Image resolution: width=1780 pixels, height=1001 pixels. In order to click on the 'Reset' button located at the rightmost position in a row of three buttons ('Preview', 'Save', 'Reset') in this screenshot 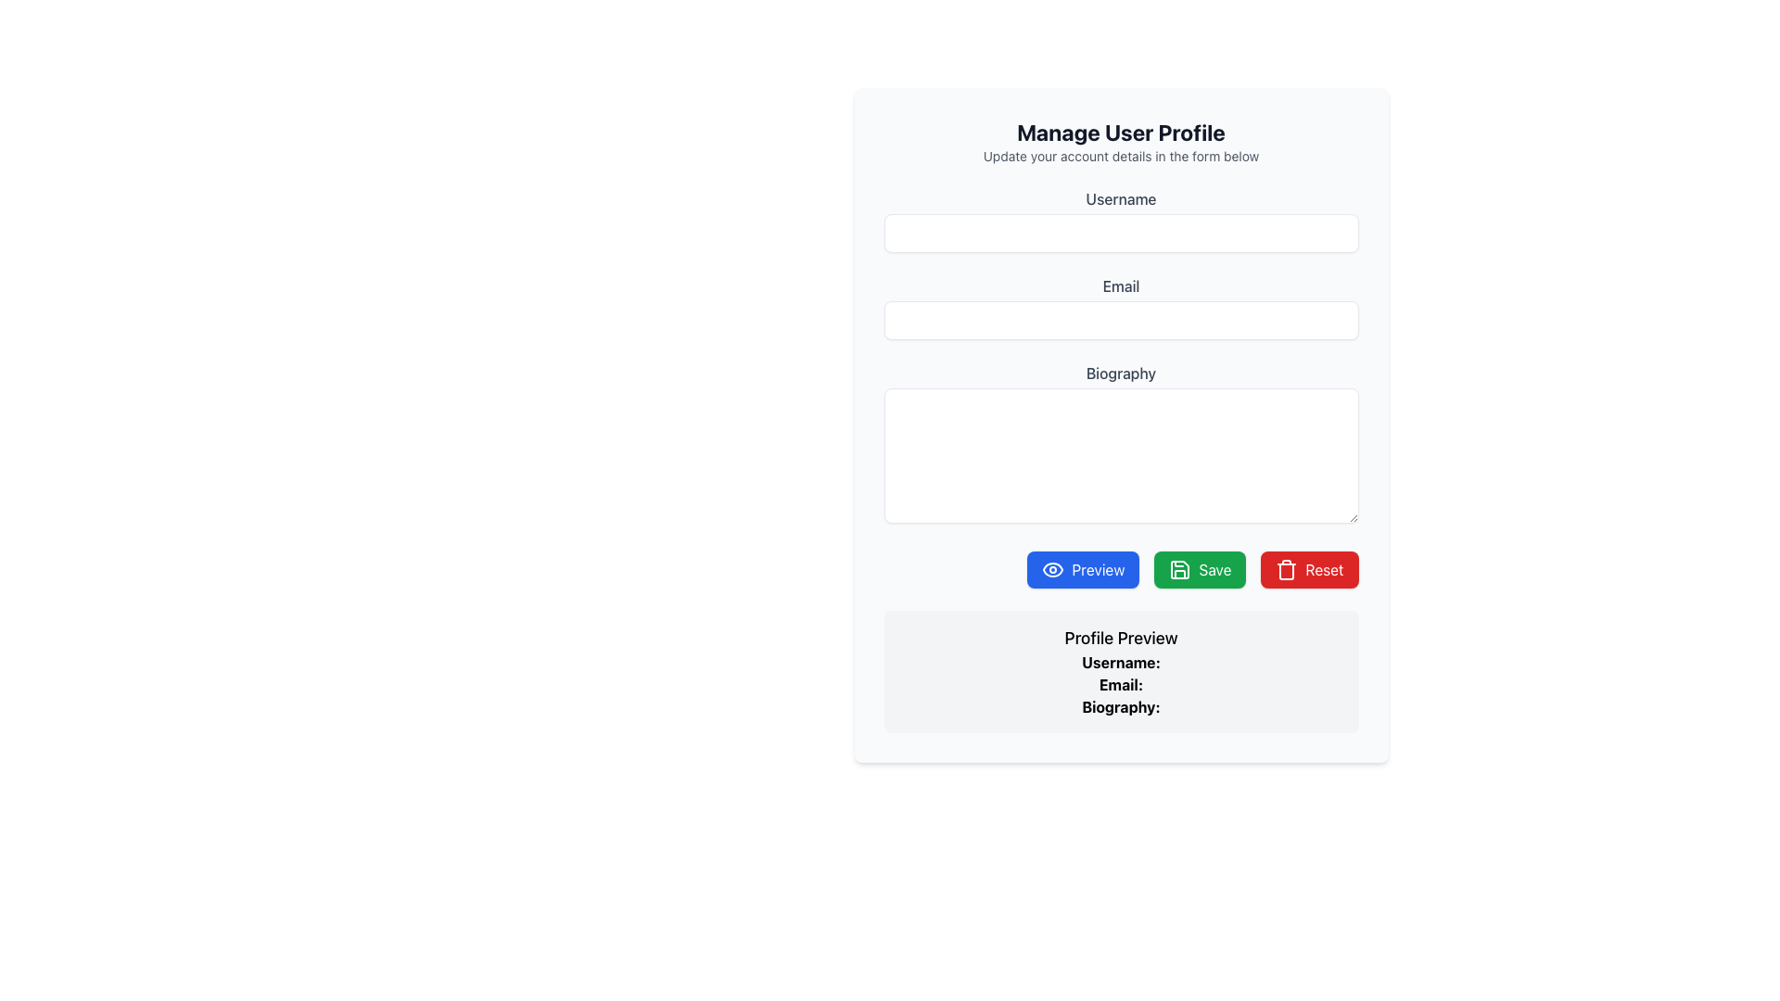, I will do `click(1308, 568)`.